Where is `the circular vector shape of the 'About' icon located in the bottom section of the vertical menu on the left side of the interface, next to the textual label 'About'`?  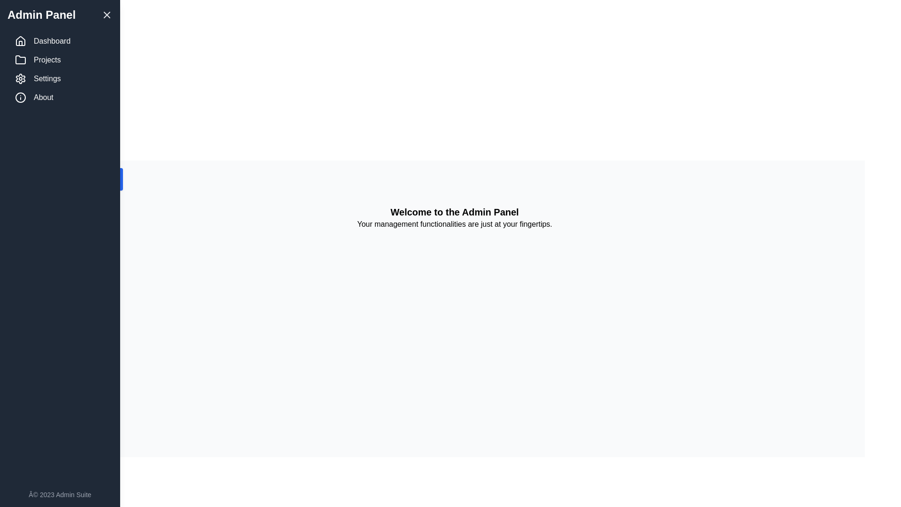
the circular vector shape of the 'About' icon located in the bottom section of the vertical menu on the left side of the interface, next to the textual label 'About' is located at coordinates (20, 98).